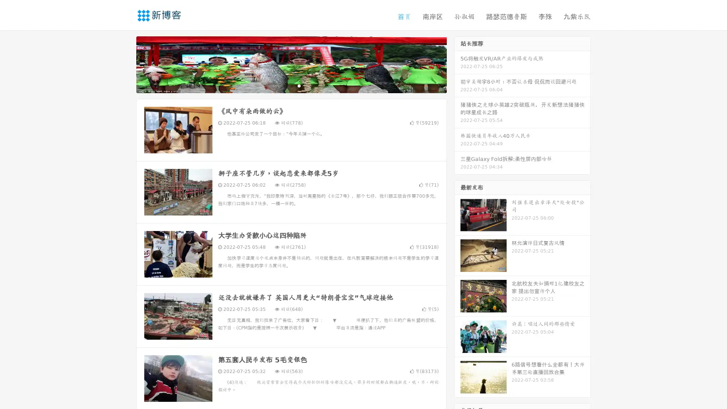  Describe the element at coordinates (125, 64) in the screenshot. I see `Previous slide` at that location.